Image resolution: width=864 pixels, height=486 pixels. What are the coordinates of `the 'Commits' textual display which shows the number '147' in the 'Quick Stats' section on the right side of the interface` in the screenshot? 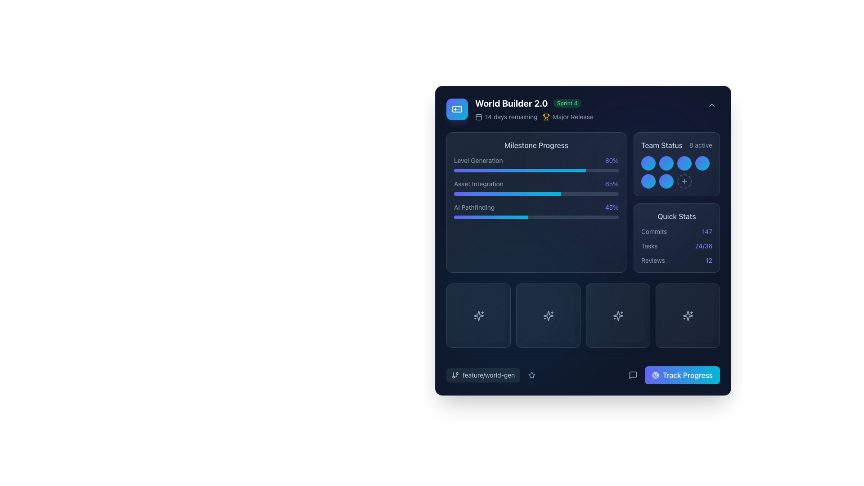 It's located at (676, 231).